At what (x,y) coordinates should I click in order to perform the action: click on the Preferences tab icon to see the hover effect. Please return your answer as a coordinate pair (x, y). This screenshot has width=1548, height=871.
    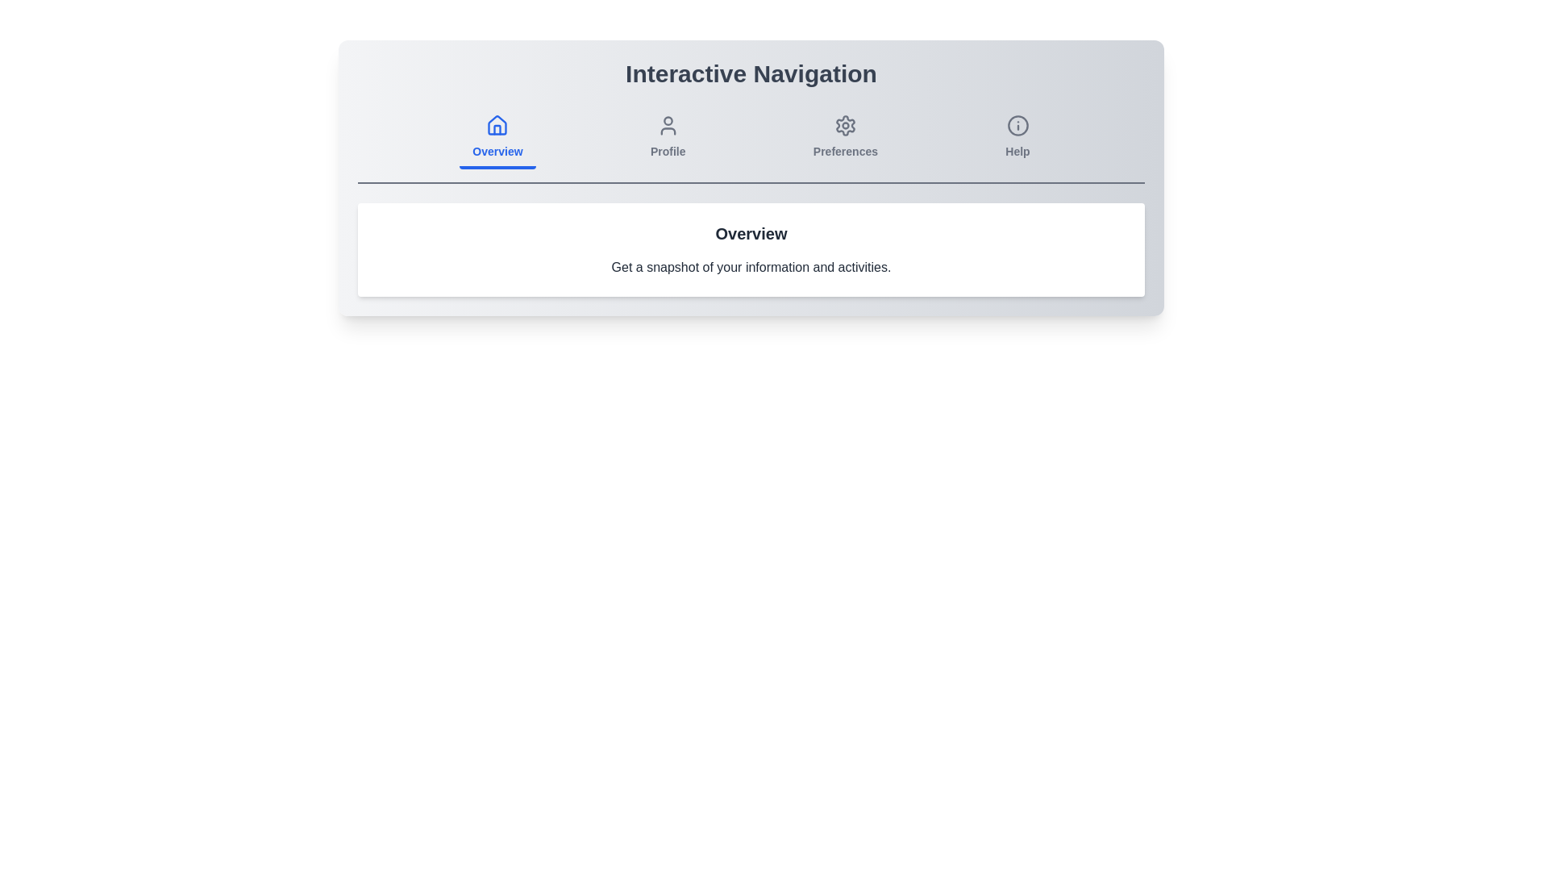
    Looking at the image, I should click on (845, 138).